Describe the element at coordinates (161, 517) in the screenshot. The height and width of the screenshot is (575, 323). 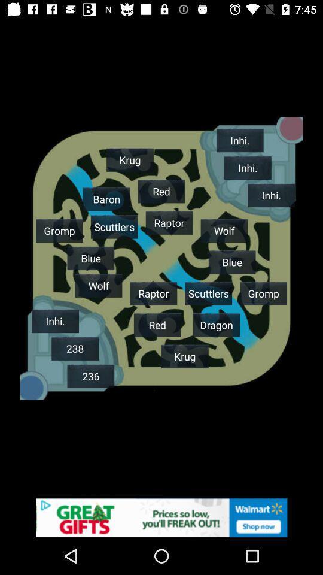
I see `advertising site` at that location.